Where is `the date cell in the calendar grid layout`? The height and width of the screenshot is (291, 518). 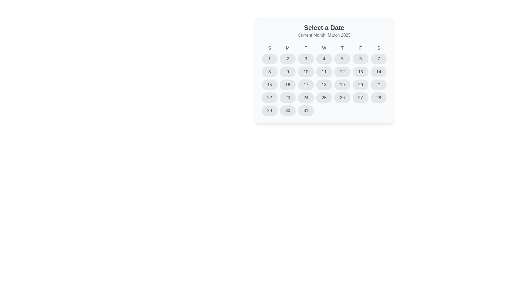
the date cell in the calendar grid layout is located at coordinates (324, 81).